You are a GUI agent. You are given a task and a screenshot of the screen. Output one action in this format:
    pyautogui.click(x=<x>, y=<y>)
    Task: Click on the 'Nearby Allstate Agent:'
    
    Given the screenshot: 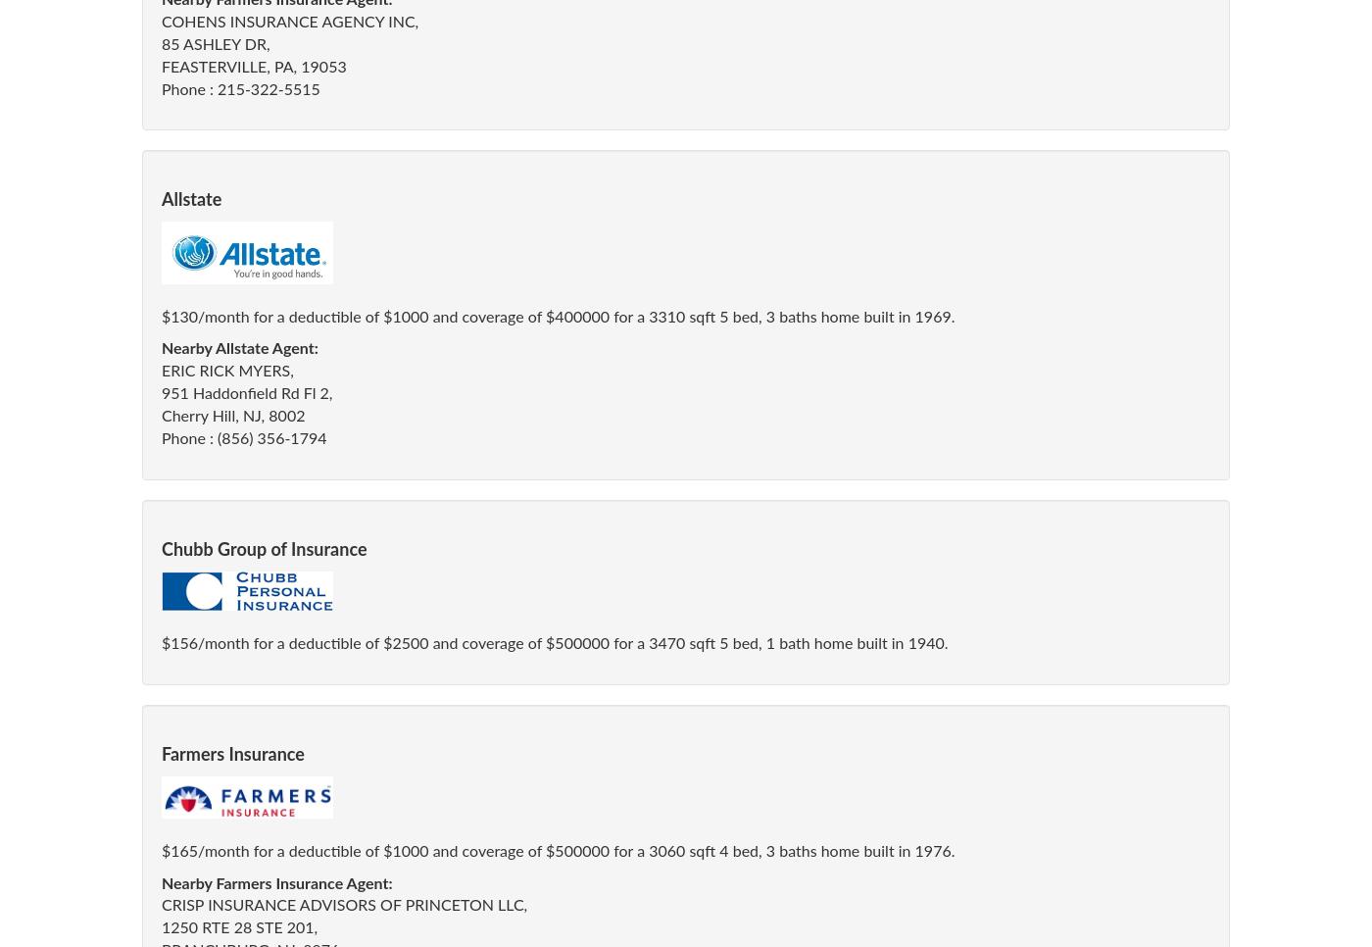 What is the action you would take?
    pyautogui.click(x=239, y=347)
    